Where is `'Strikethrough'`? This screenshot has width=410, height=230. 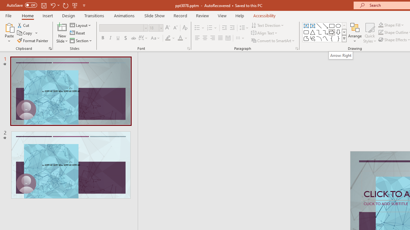
'Strikethrough' is located at coordinates (133, 38).